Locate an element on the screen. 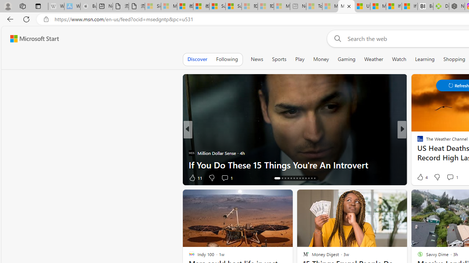  'Million Dollar Sense' is located at coordinates (191, 153).